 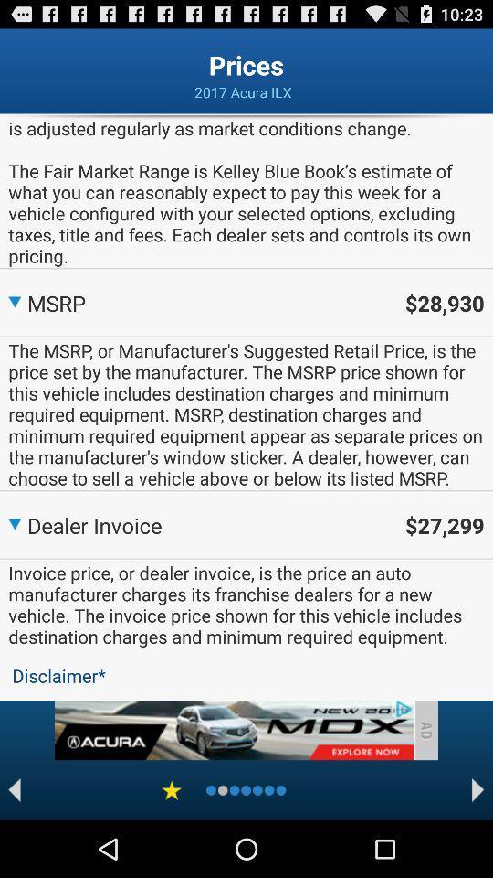 I want to click on previous page, so click(x=14, y=789).